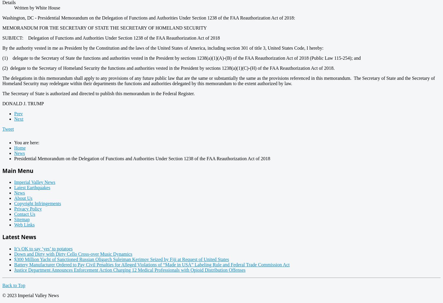  Describe the element at coordinates (121, 259) in the screenshot. I see `'$300 Million Yacht of Sanctioned Russian Oligarch Suleiman Kerimov Seized by Fiji at Request of United States'` at that location.